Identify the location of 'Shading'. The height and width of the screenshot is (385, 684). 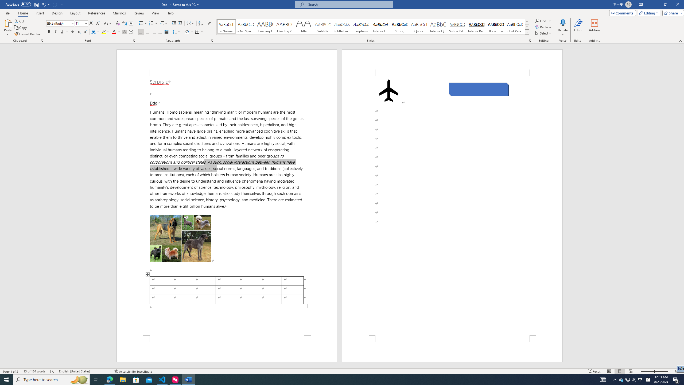
(189, 32).